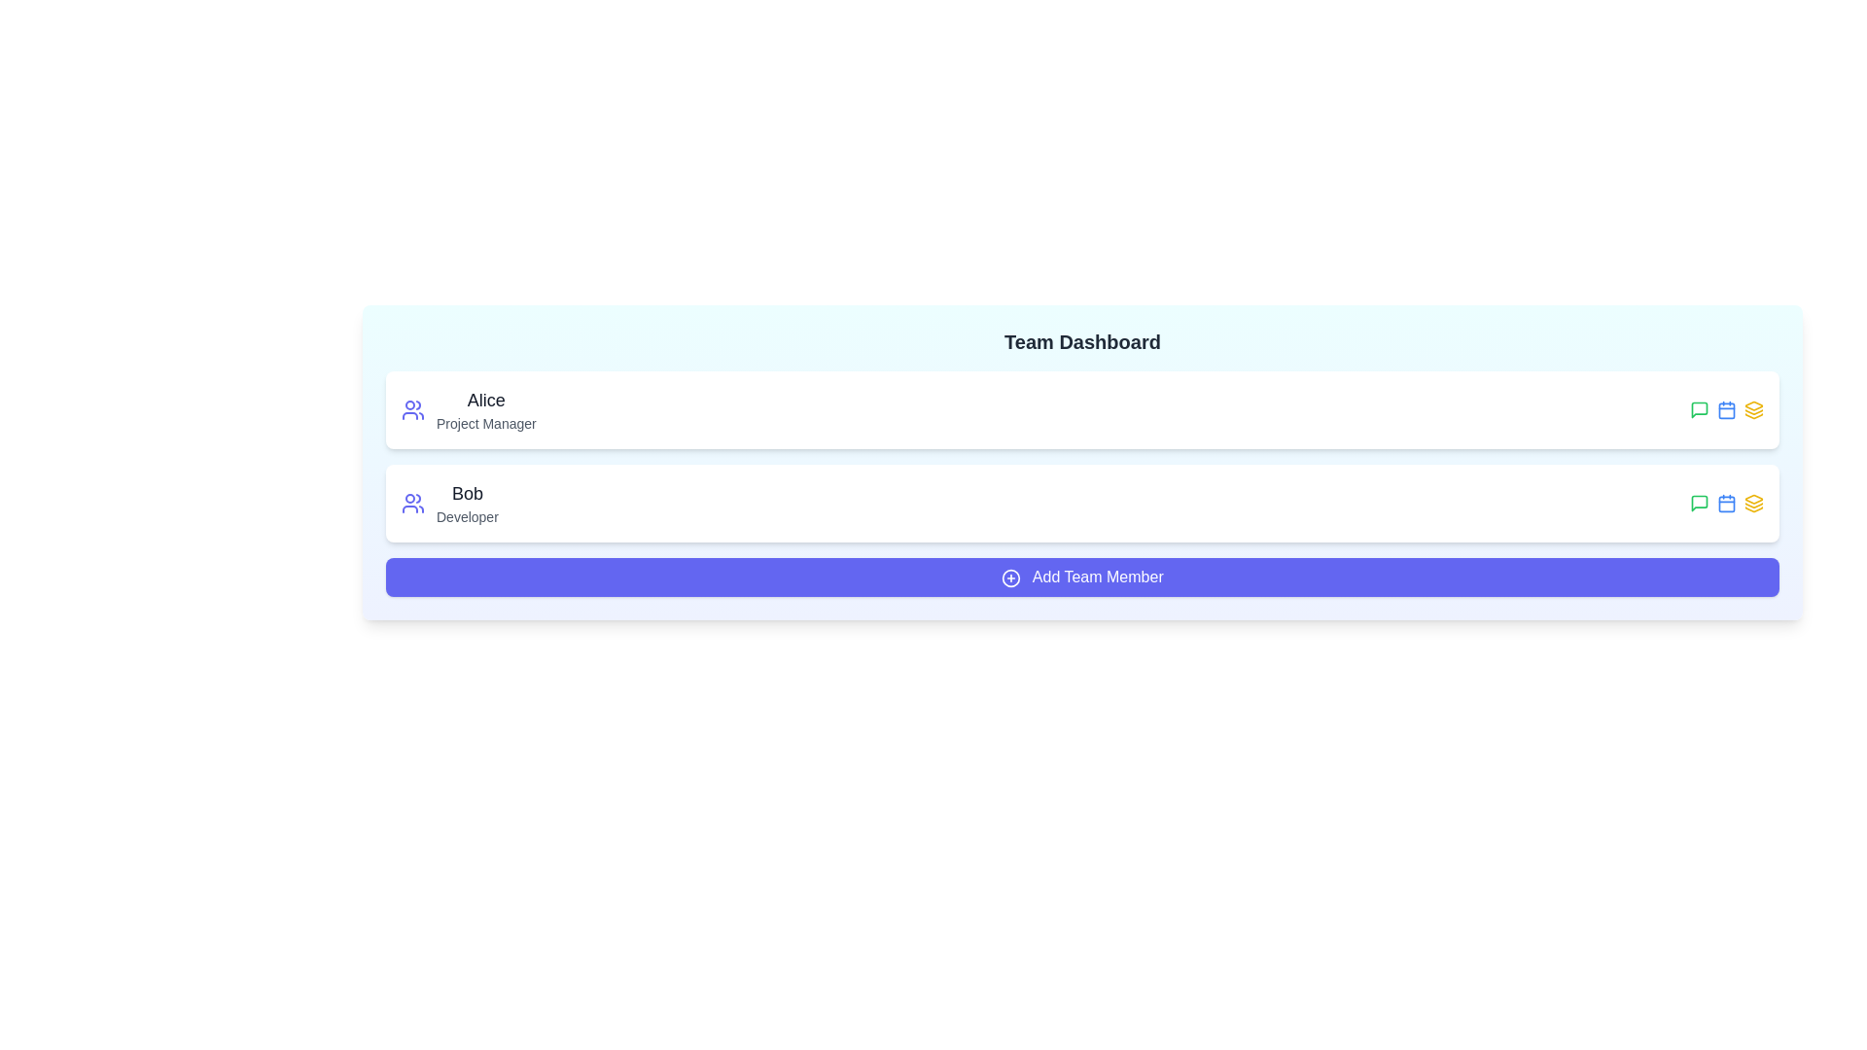  I want to click on content displayed on the Text Label that shows the name 'Bob' in the second user card, which is positioned above the smaller text 'Developer', so click(467, 493).